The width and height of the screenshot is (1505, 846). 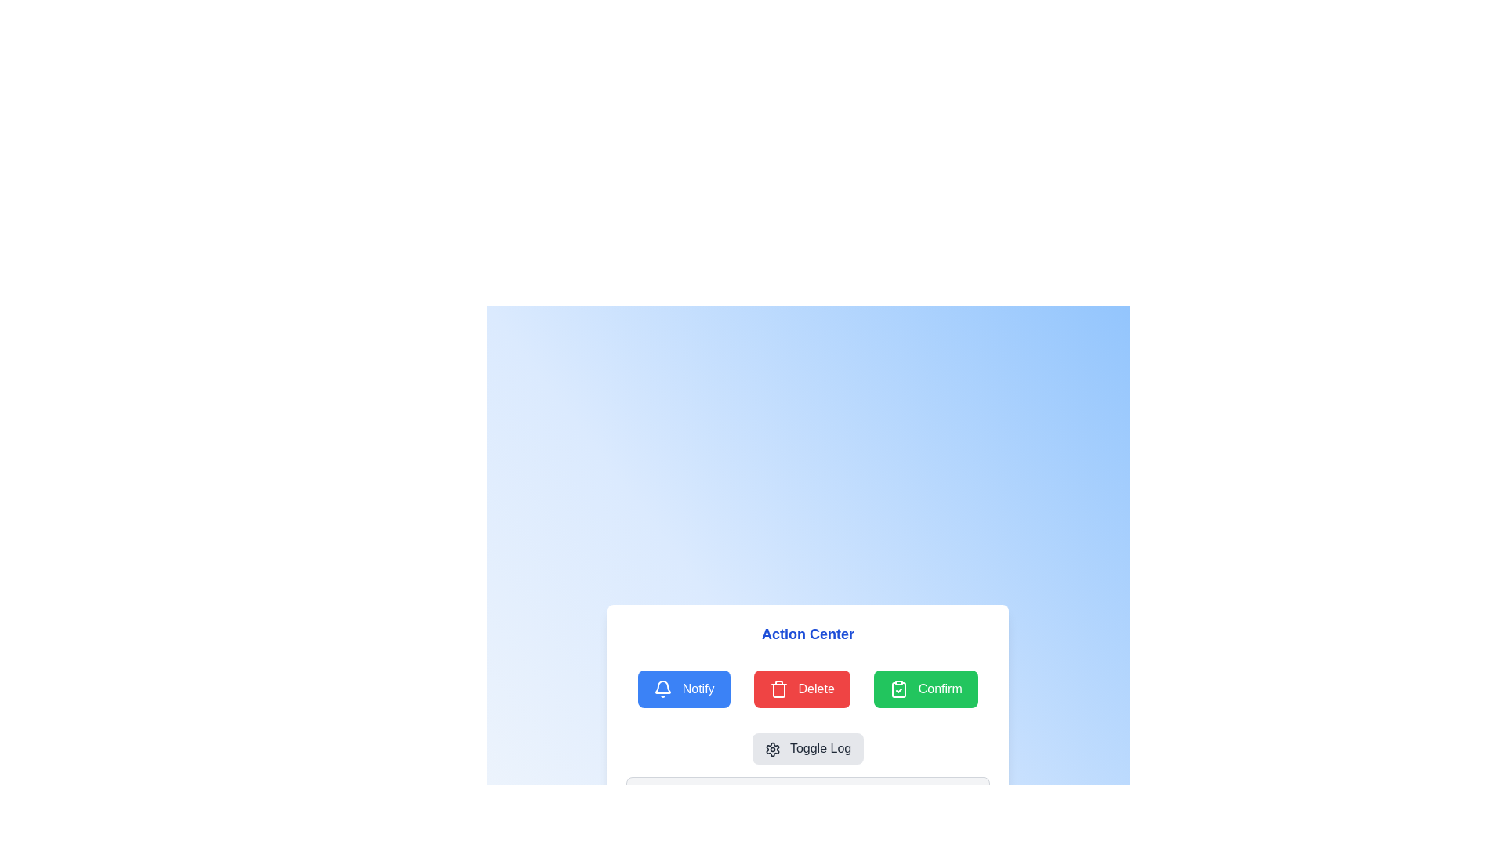 What do you see at coordinates (802, 688) in the screenshot?
I see `the 'Delete' button in the 'Action Center' section` at bounding box center [802, 688].